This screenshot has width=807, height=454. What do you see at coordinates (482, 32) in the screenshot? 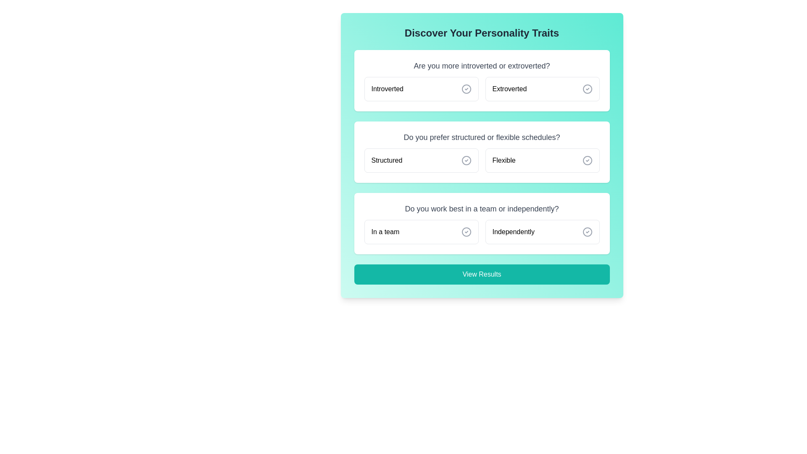
I see `the title text element located at the top of the teal gradient card, which indicates the purpose of the following content related to personality traits` at bounding box center [482, 32].